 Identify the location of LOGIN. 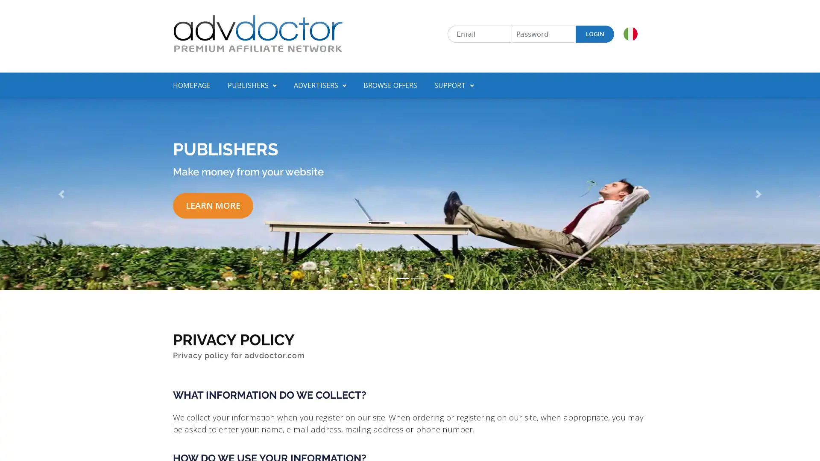
(594, 34).